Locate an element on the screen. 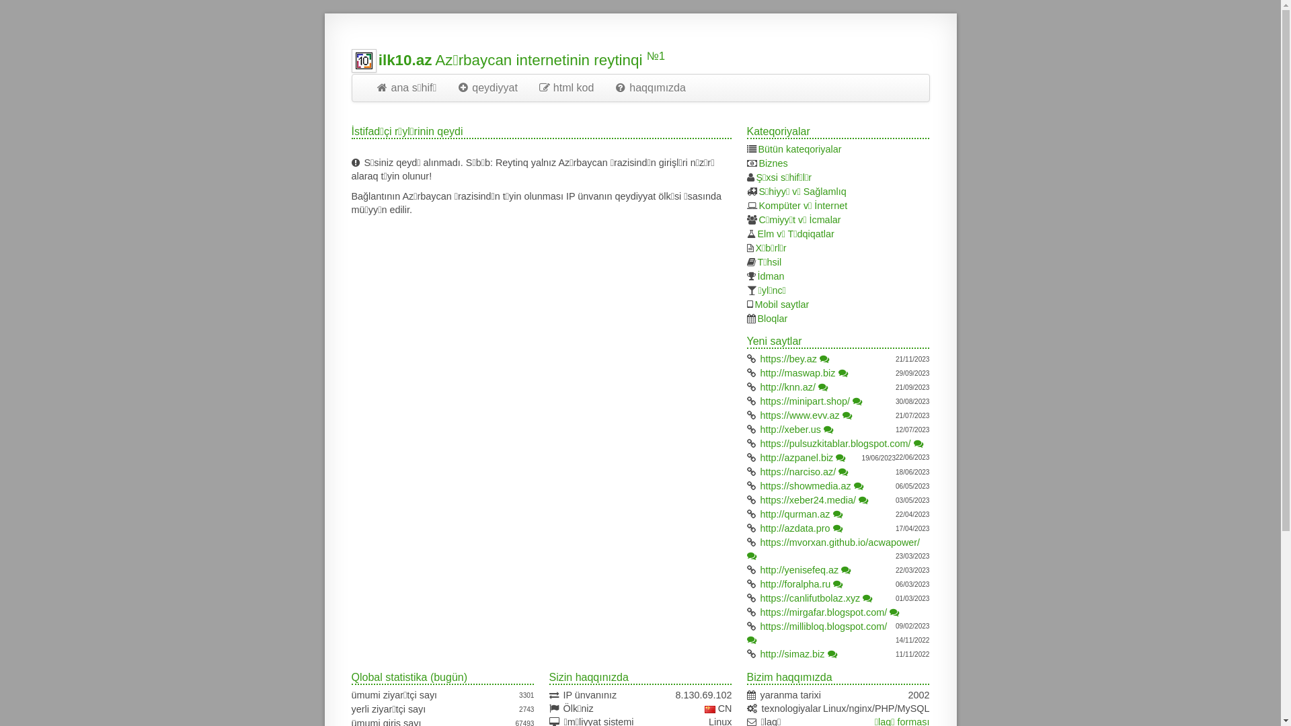 This screenshot has height=726, width=1291. 'https://pulsuzkitablar.blogspot.com/' is located at coordinates (835, 443).